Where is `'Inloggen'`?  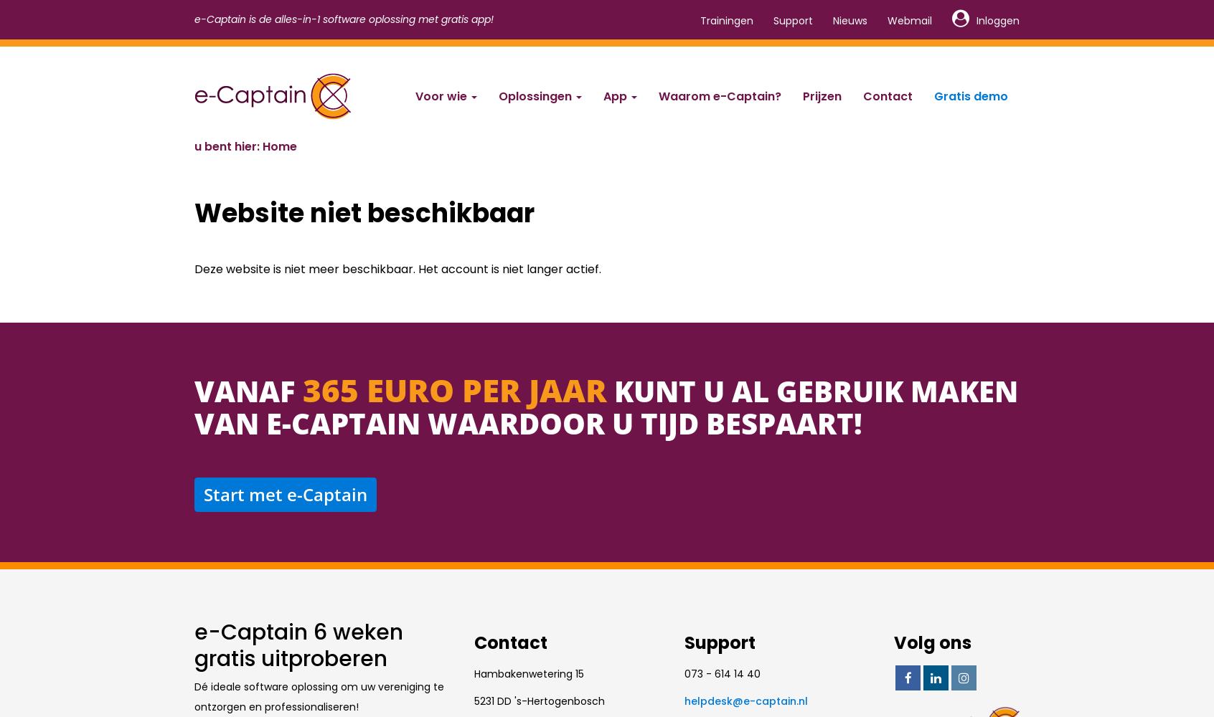
'Inloggen' is located at coordinates (992, 21).